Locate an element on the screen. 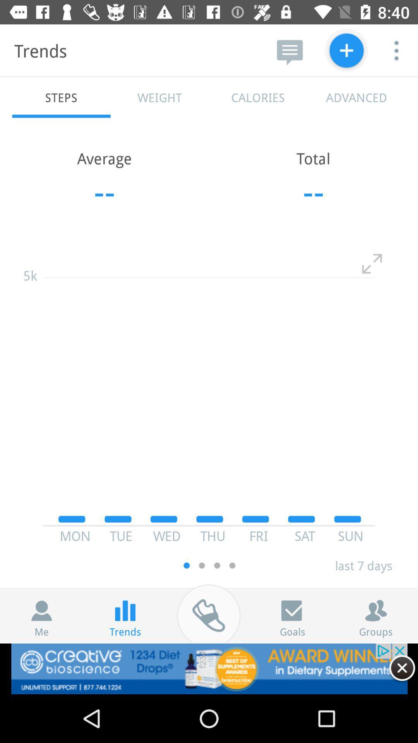 This screenshot has width=418, height=743. the close icon is located at coordinates (402, 668).